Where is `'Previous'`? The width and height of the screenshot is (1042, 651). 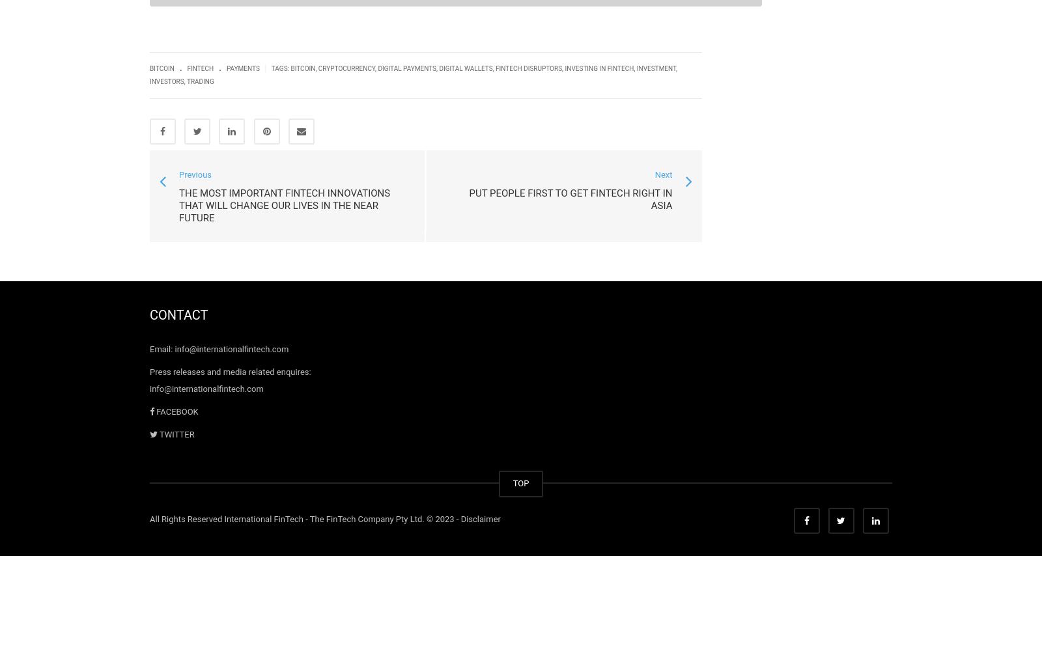 'Previous' is located at coordinates (179, 174).